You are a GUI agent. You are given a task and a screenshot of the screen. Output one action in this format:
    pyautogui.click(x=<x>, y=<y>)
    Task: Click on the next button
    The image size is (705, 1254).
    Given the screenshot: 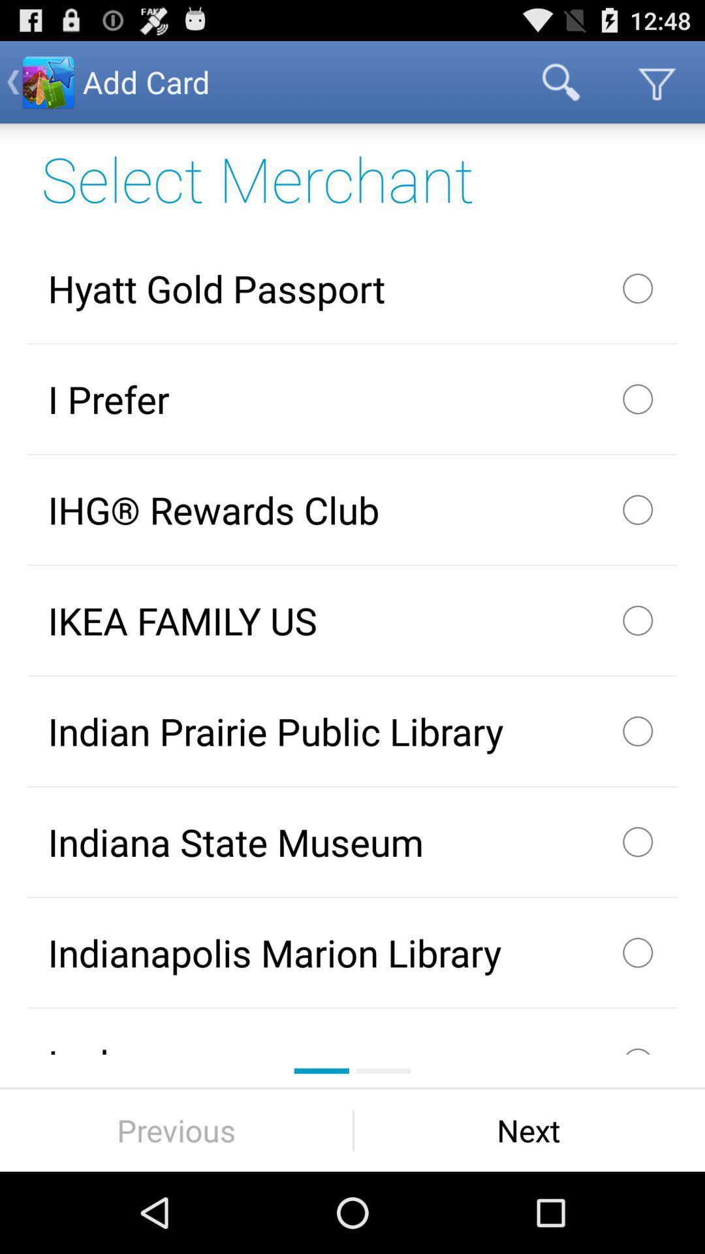 What is the action you would take?
    pyautogui.click(x=529, y=1130)
    